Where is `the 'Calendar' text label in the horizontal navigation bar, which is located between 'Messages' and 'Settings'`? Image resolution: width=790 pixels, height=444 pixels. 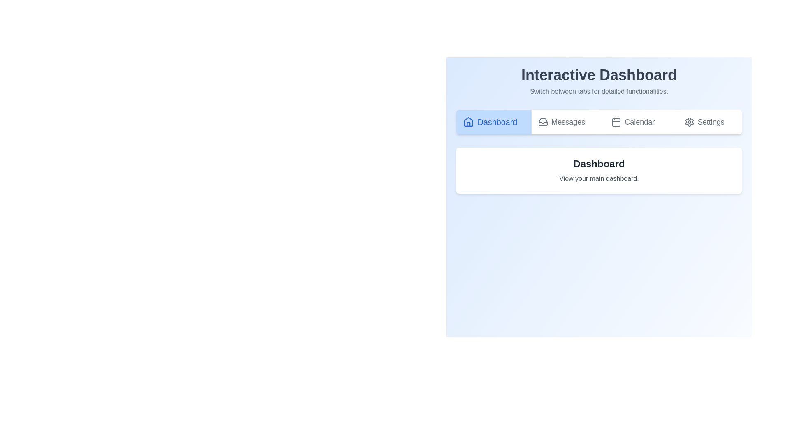 the 'Calendar' text label in the horizontal navigation bar, which is located between 'Messages' and 'Settings' is located at coordinates (639, 122).